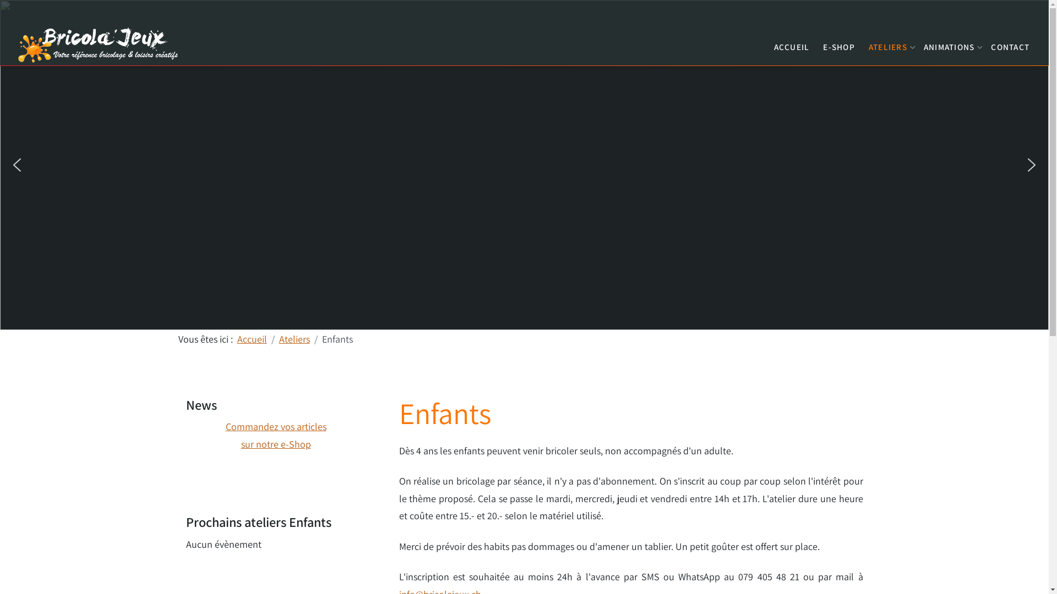 Image resolution: width=1057 pixels, height=594 pixels. What do you see at coordinates (820, 43) in the screenshot?
I see `'E-SHOP'` at bounding box center [820, 43].